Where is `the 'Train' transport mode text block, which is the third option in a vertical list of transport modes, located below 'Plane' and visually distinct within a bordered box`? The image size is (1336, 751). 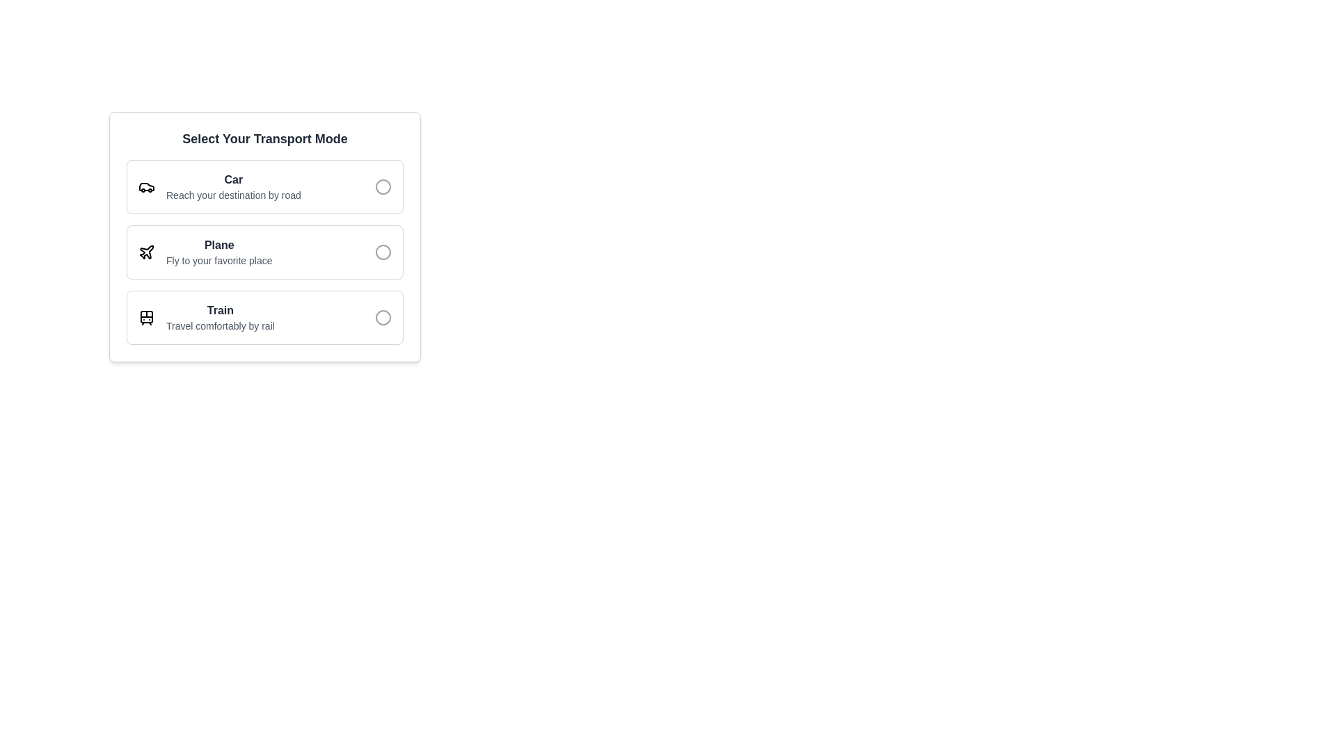
the 'Train' transport mode text block, which is the third option in a vertical list of transport modes, located below 'Plane' and visually distinct within a bordered box is located at coordinates (219, 317).